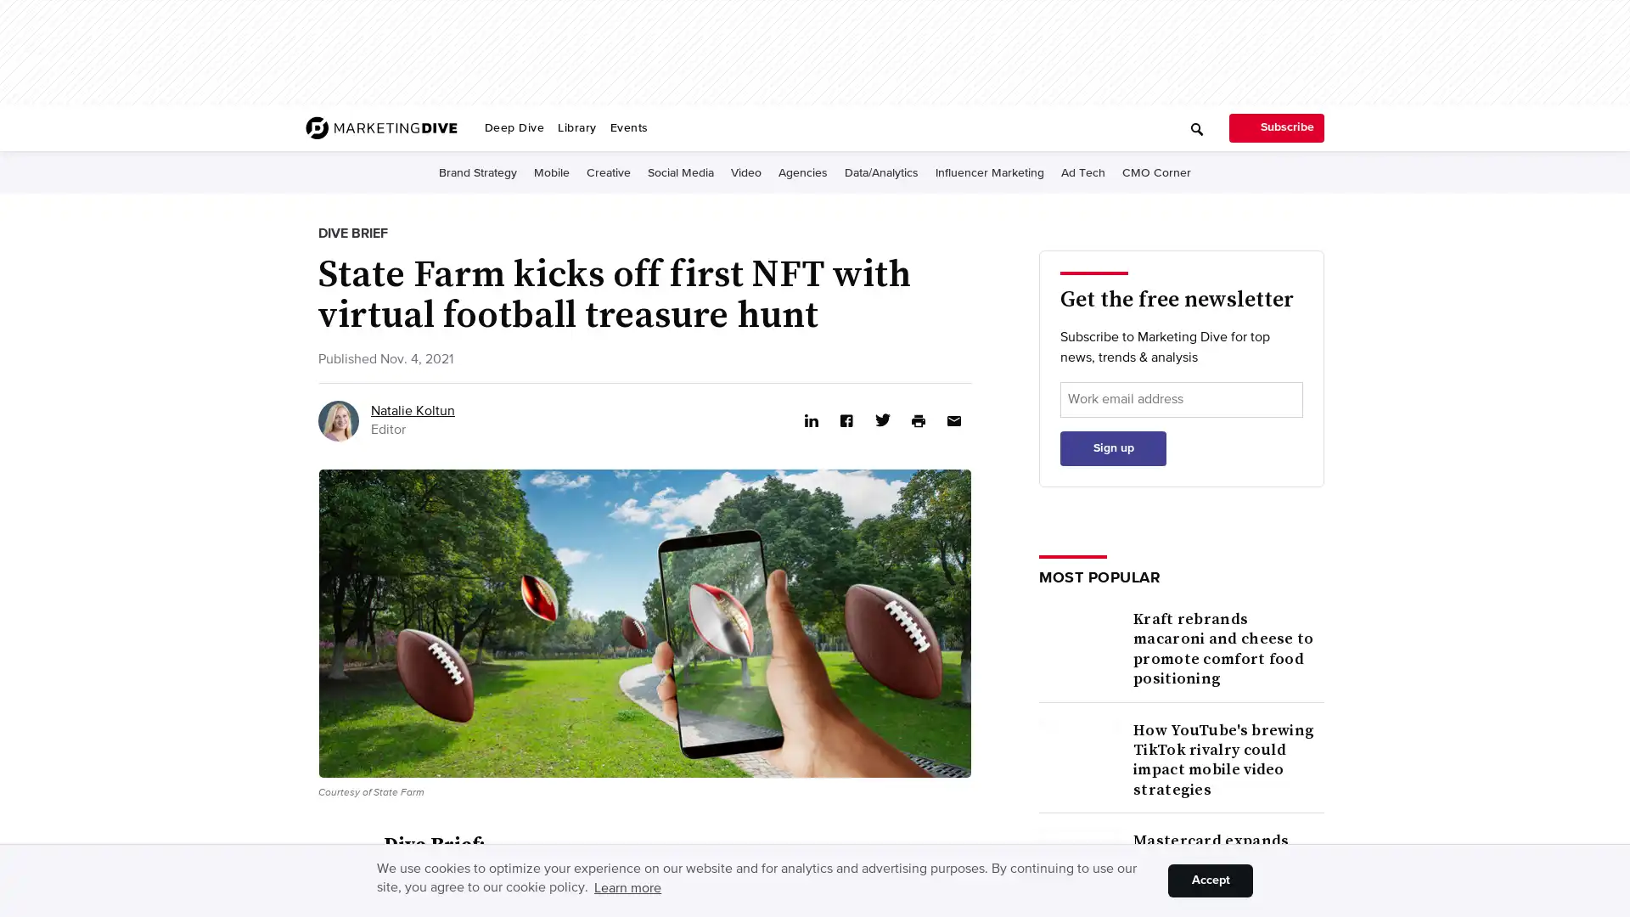  Describe the element at coordinates (1113, 726) in the screenshot. I see `Sign up` at that location.